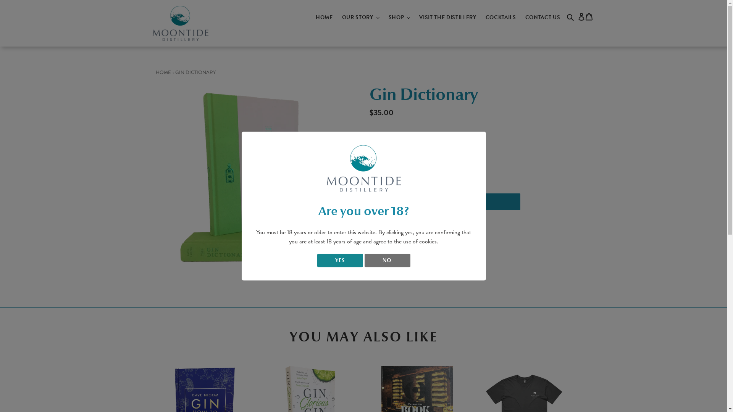  Describe the element at coordinates (339, 260) in the screenshot. I see `'YES'` at that location.